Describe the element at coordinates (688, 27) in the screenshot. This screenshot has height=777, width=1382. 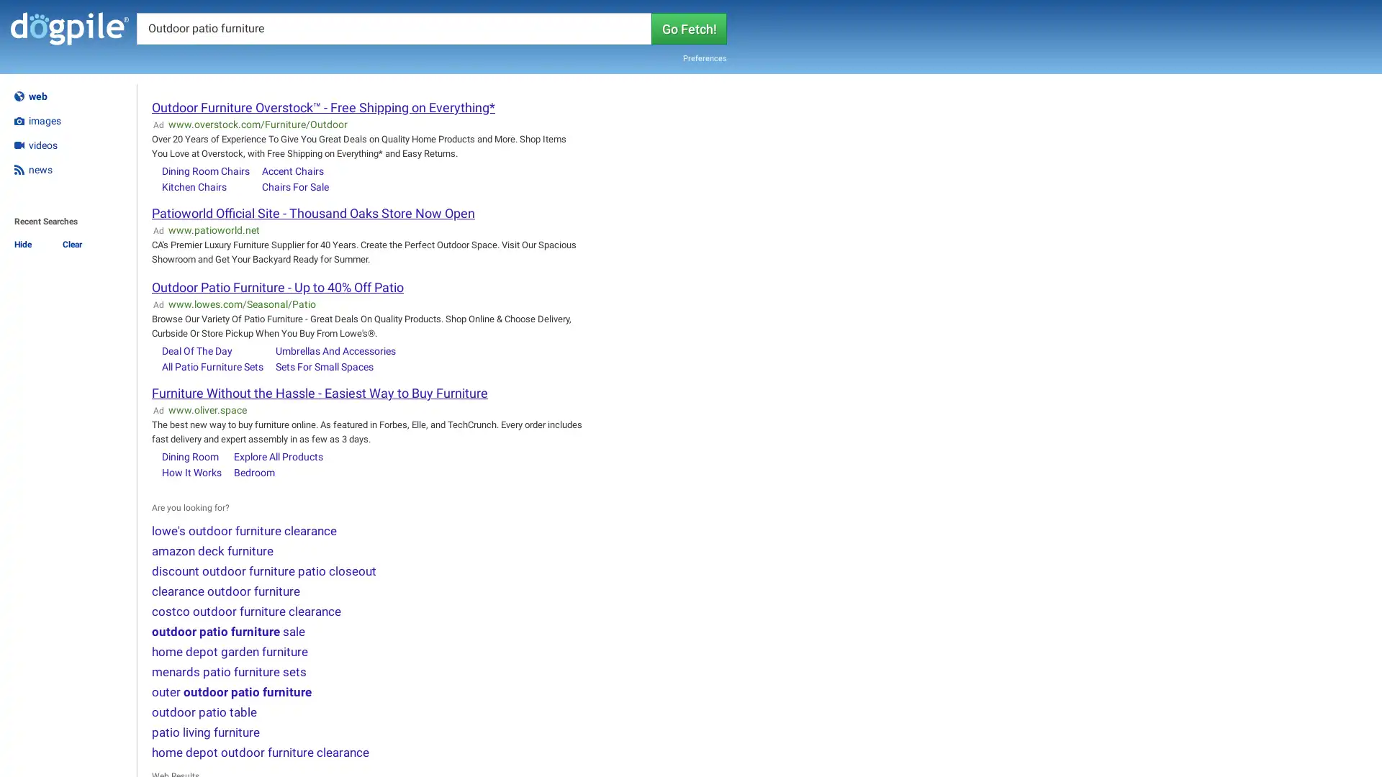
I see `Search` at that location.